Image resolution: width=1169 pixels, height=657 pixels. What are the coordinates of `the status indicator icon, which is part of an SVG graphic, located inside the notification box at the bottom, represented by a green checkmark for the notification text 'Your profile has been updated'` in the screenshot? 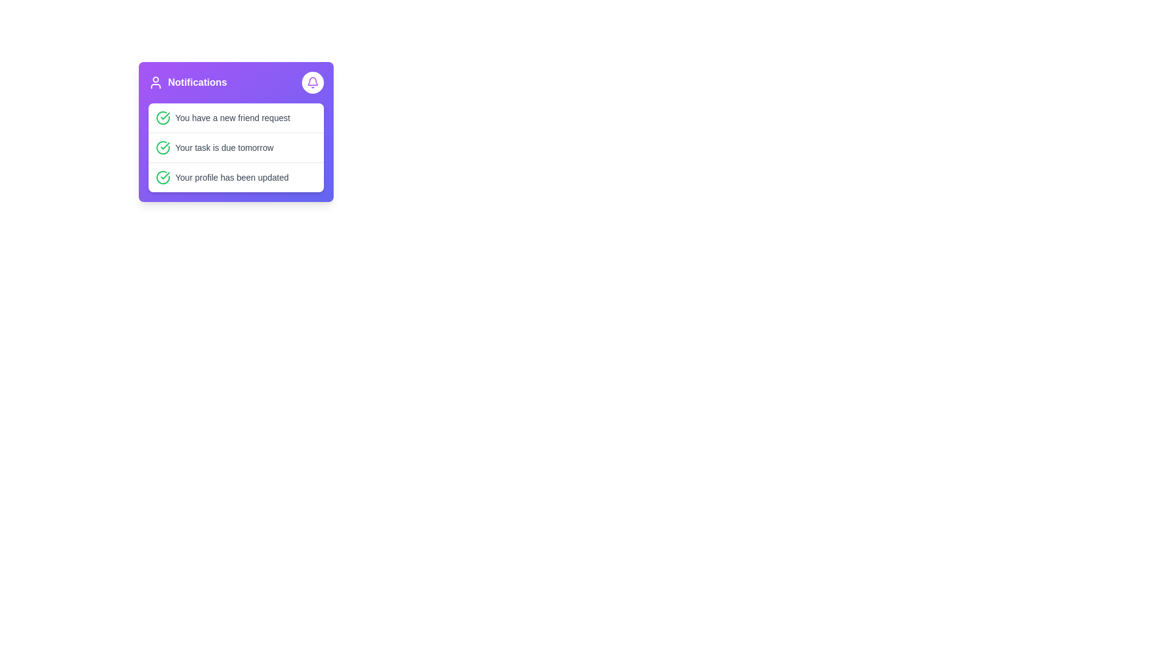 It's located at (163, 178).